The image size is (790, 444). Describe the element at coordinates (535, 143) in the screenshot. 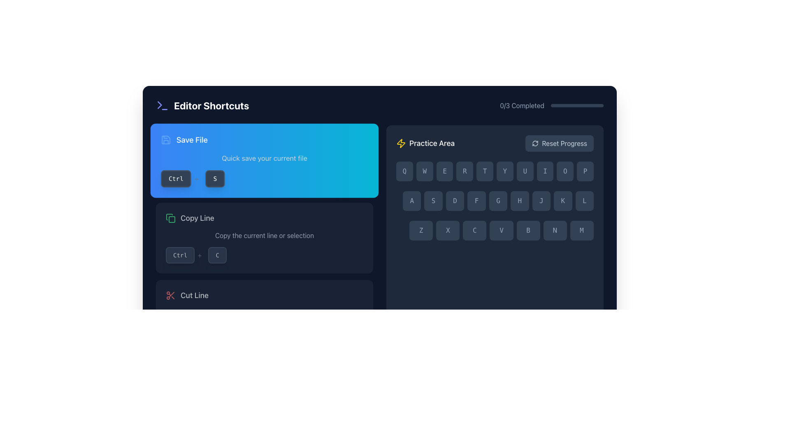

I see `the refresh icon located to the left of the 'Reset Progress' button in the top-right corner of the user interface, which is used to reset or clear progress or data` at that location.